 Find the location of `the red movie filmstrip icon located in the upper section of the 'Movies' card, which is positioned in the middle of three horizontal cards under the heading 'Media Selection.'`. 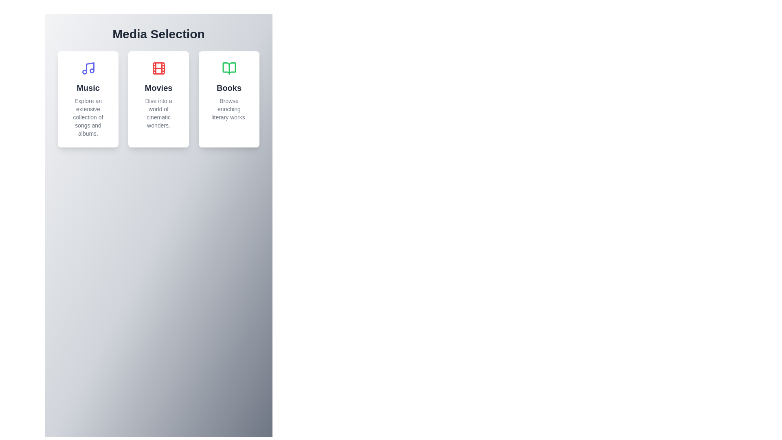

the red movie filmstrip icon located in the upper section of the 'Movies' card, which is positioned in the middle of three horizontal cards under the heading 'Media Selection.' is located at coordinates (158, 68).